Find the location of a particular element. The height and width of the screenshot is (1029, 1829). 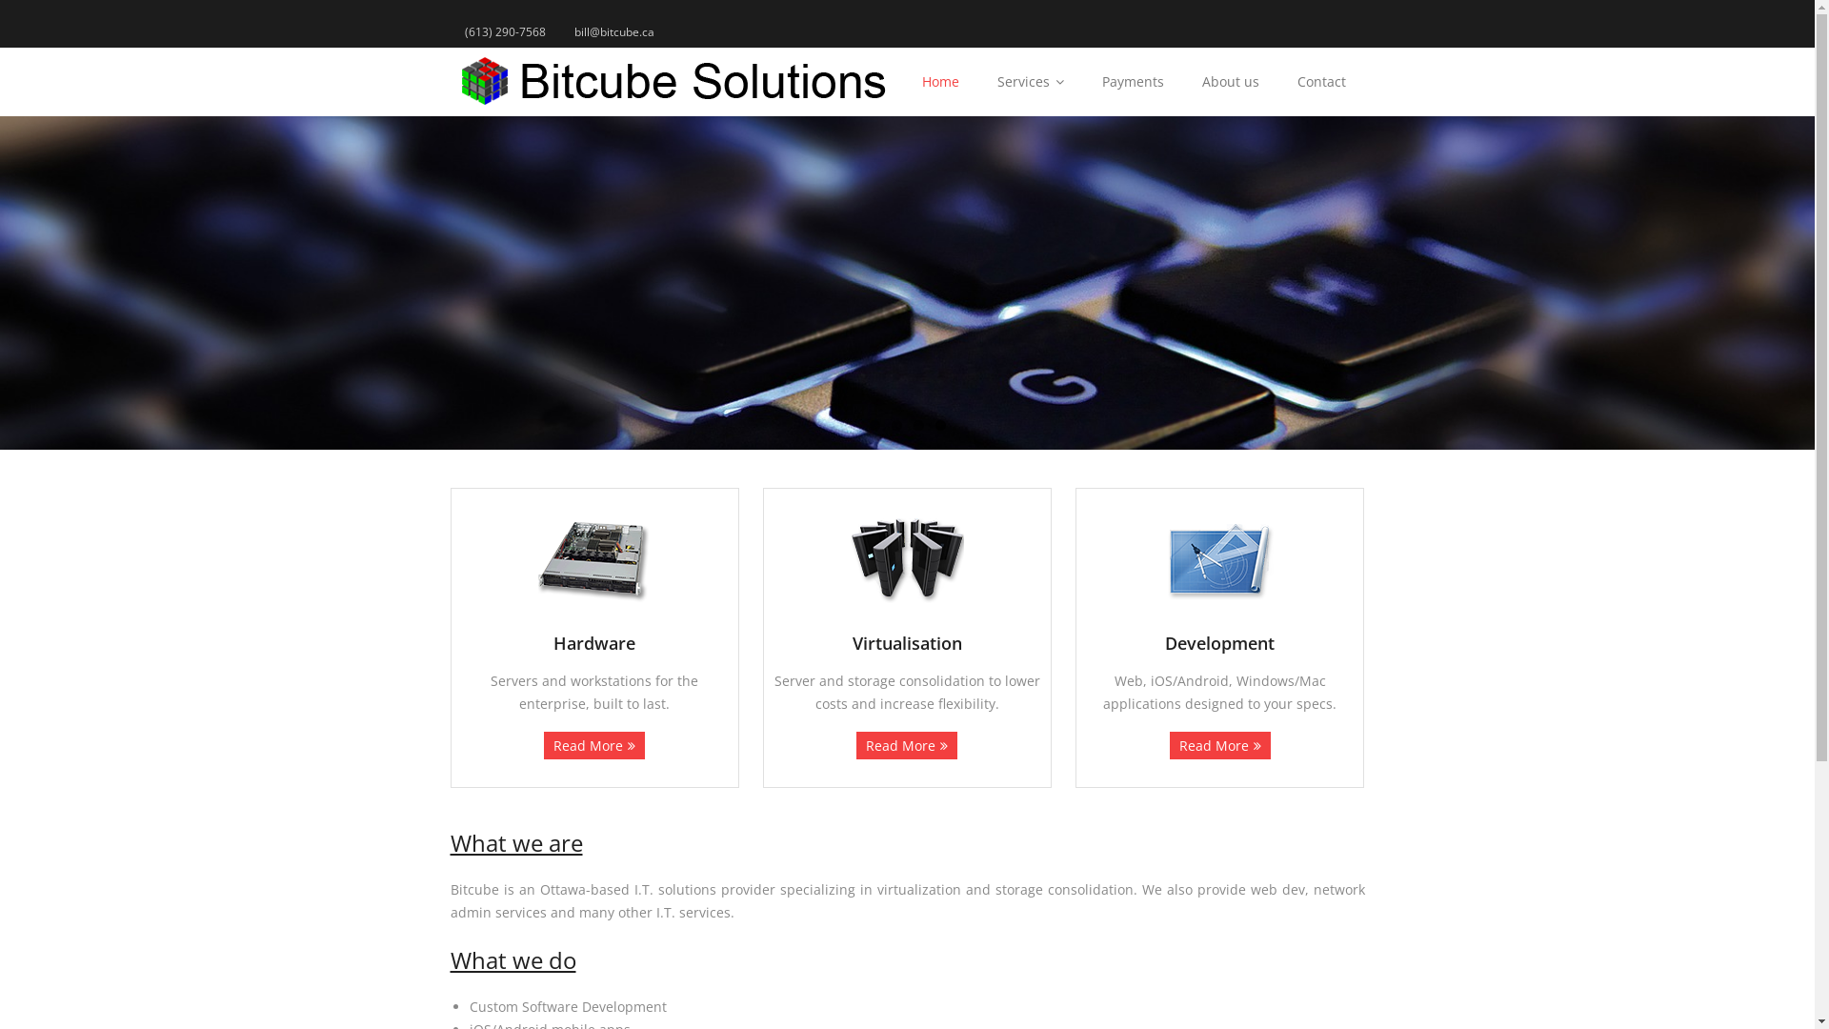

'About us' is located at coordinates (1230, 80).